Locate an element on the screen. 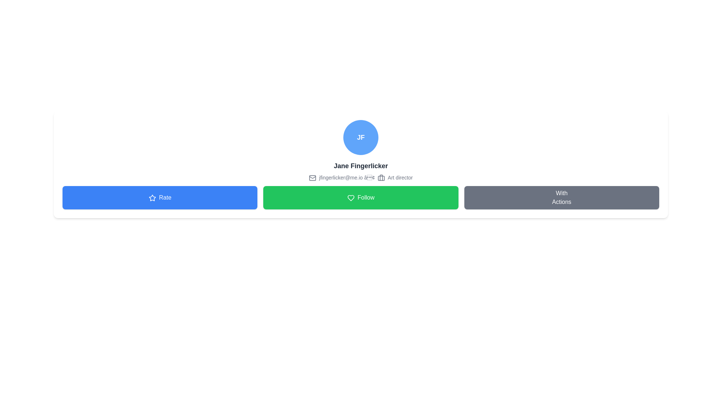 The image size is (702, 394). the text block displaying the name 'Jane Fingerlicker', which is centrally located under the circular avatar labeled 'JF' is located at coordinates (361, 166).